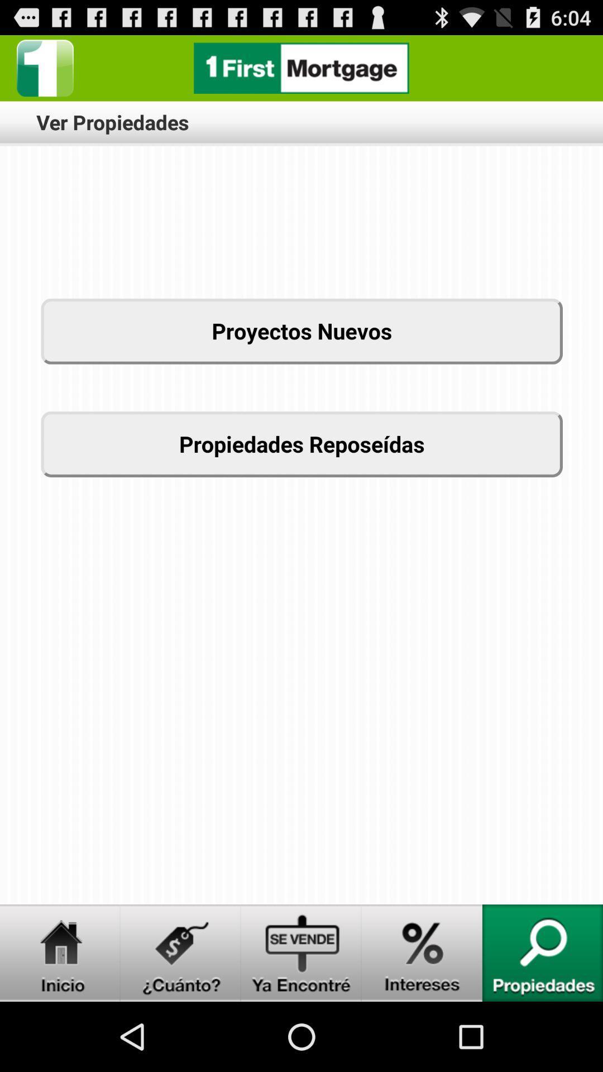  What do you see at coordinates (542, 1020) in the screenshot?
I see `the search icon` at bounding box center [542, 1020].